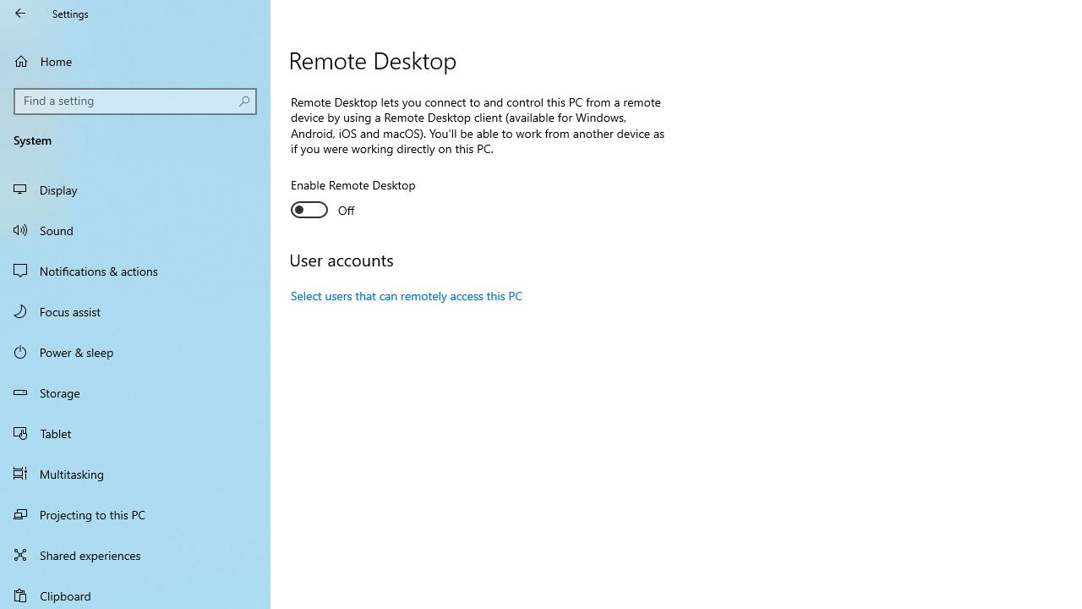 The image size is (1082, 609). I want to click on 'Select users that can remotely access this PC', so click(407, 294).